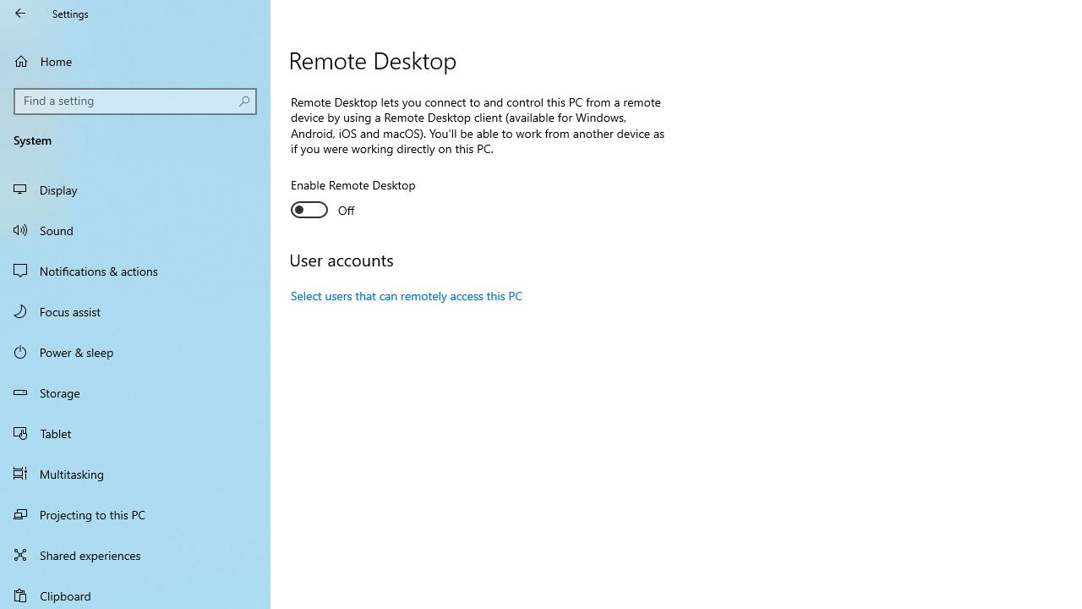 The image size is (1082, 609). I want to click on 'Select users that can remotely access this PC', so click(407, 294).